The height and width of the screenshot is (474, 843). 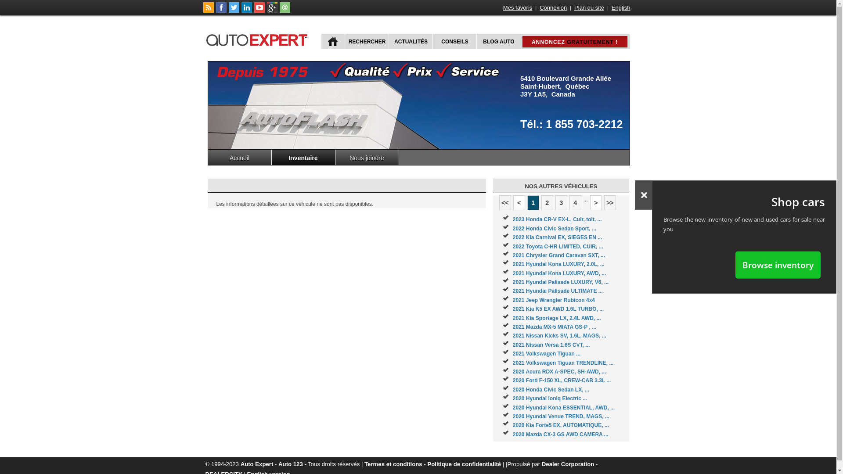 What do you see at coordinates (505, 203) in the screenshot?
I see `'<<'` at bounding box center [505, 203].